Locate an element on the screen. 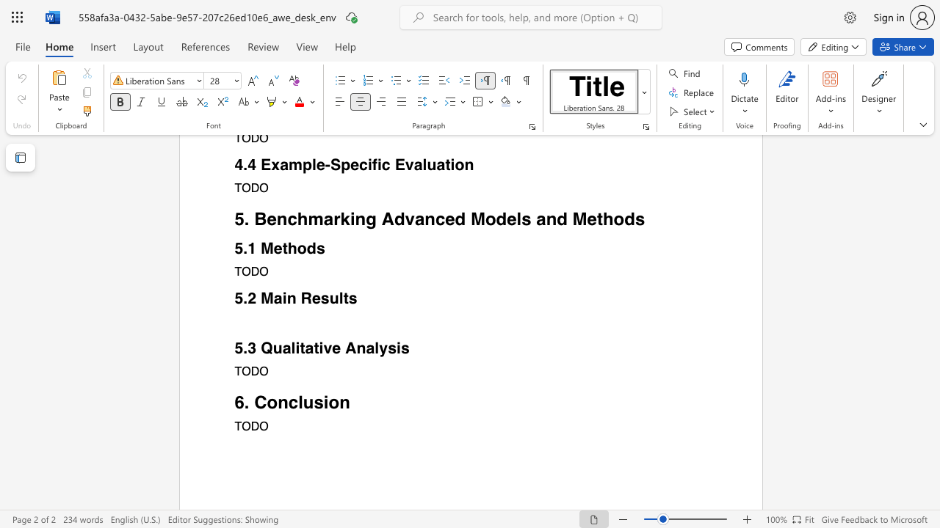  the subset text "nclusi" within the text "6. Conclusion" is located at coordinates (278, 402).